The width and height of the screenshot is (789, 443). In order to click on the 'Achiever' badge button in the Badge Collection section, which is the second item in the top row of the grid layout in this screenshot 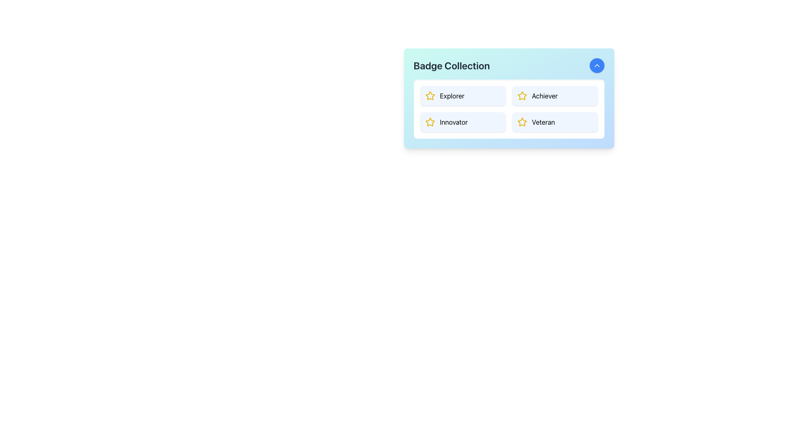, I will do `click(555, 96)`.